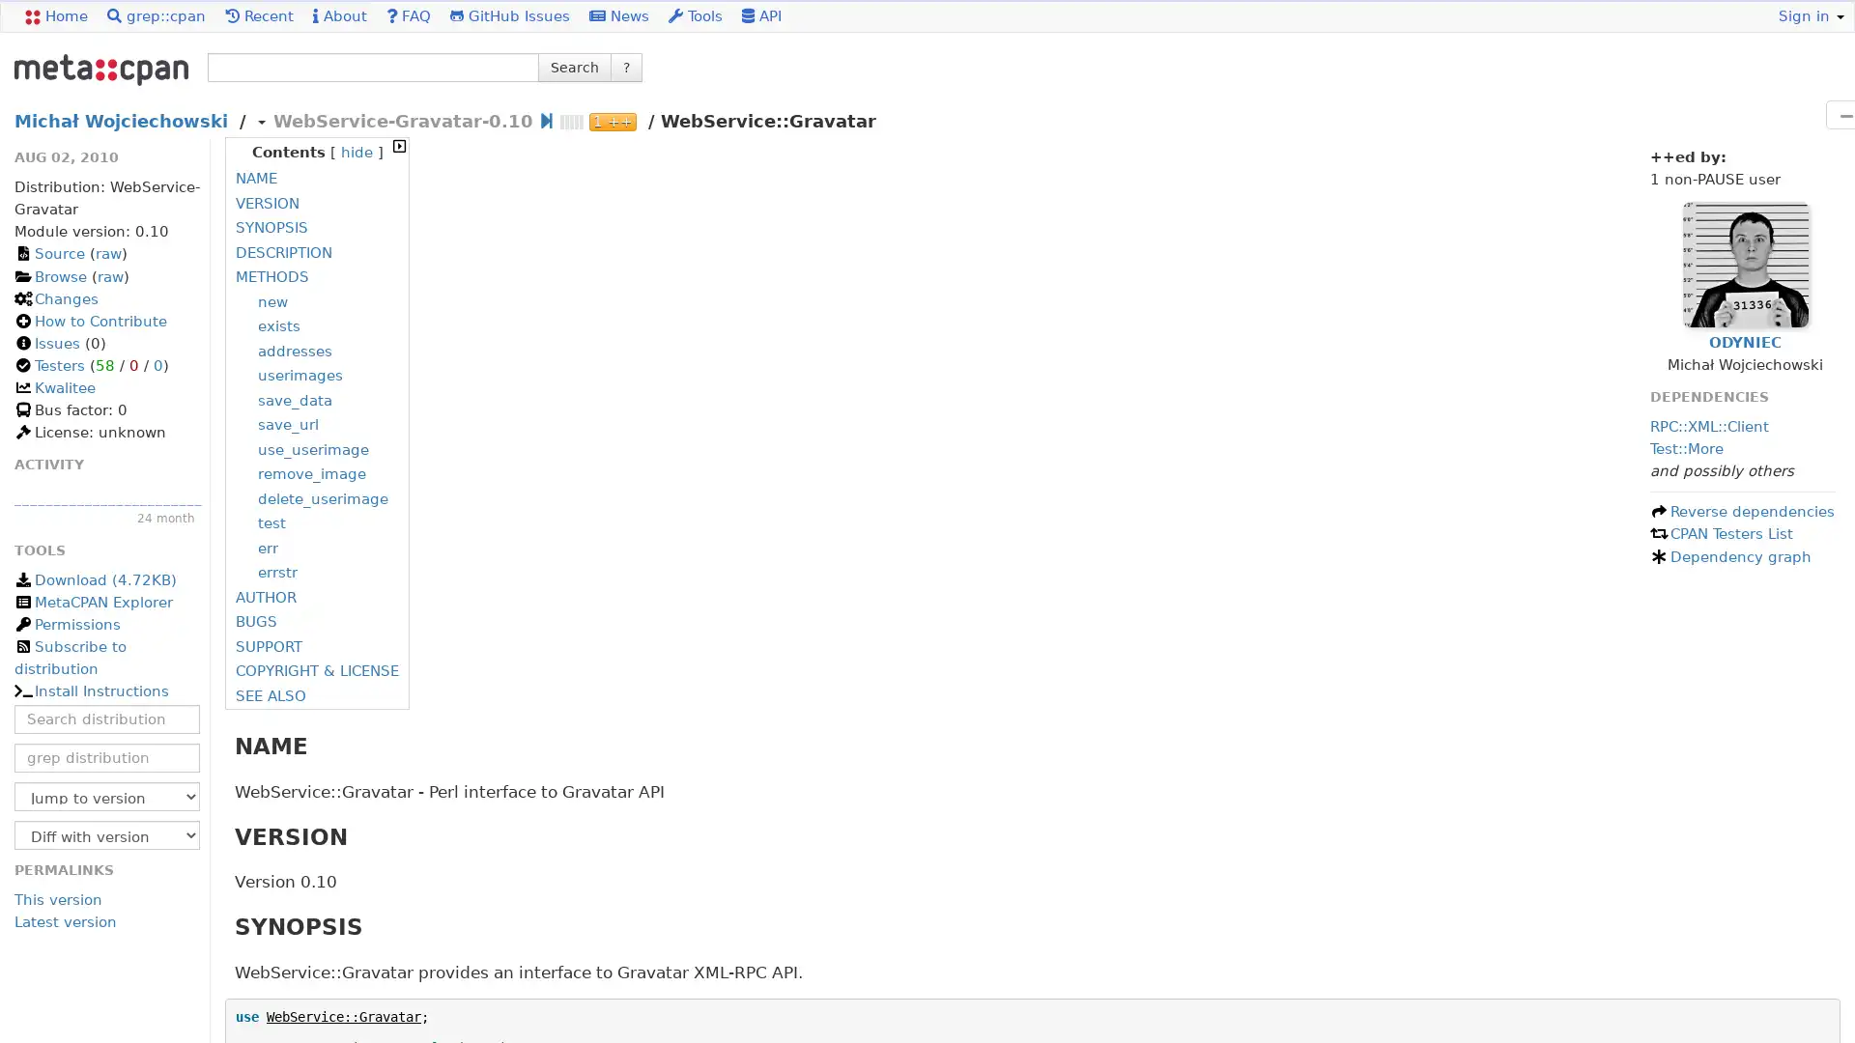  I want to click on Search, so click(574, 66).